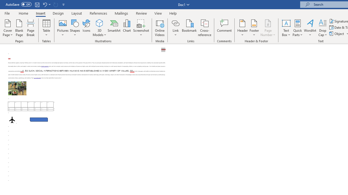 This screenshot has width=348, height=195. What do you see at coordinates (141, 13) in the screenshot?
I see `'Review'` at bounding box center [141, 13].